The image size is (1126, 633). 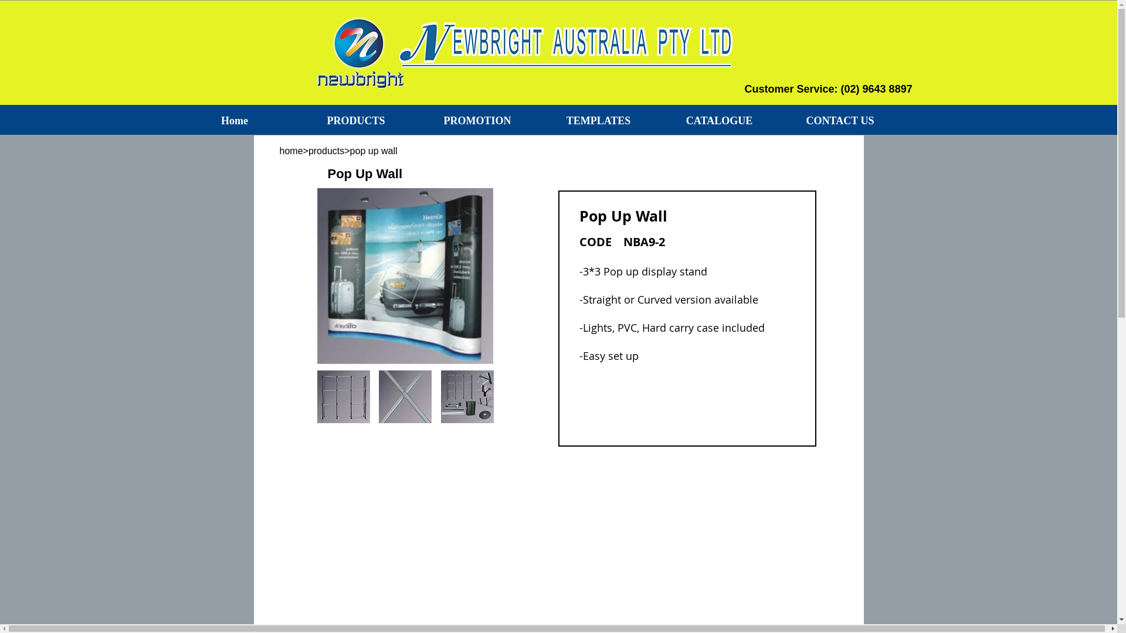 I want to click on 'CATALOGUE', so click(x=719, y=120).